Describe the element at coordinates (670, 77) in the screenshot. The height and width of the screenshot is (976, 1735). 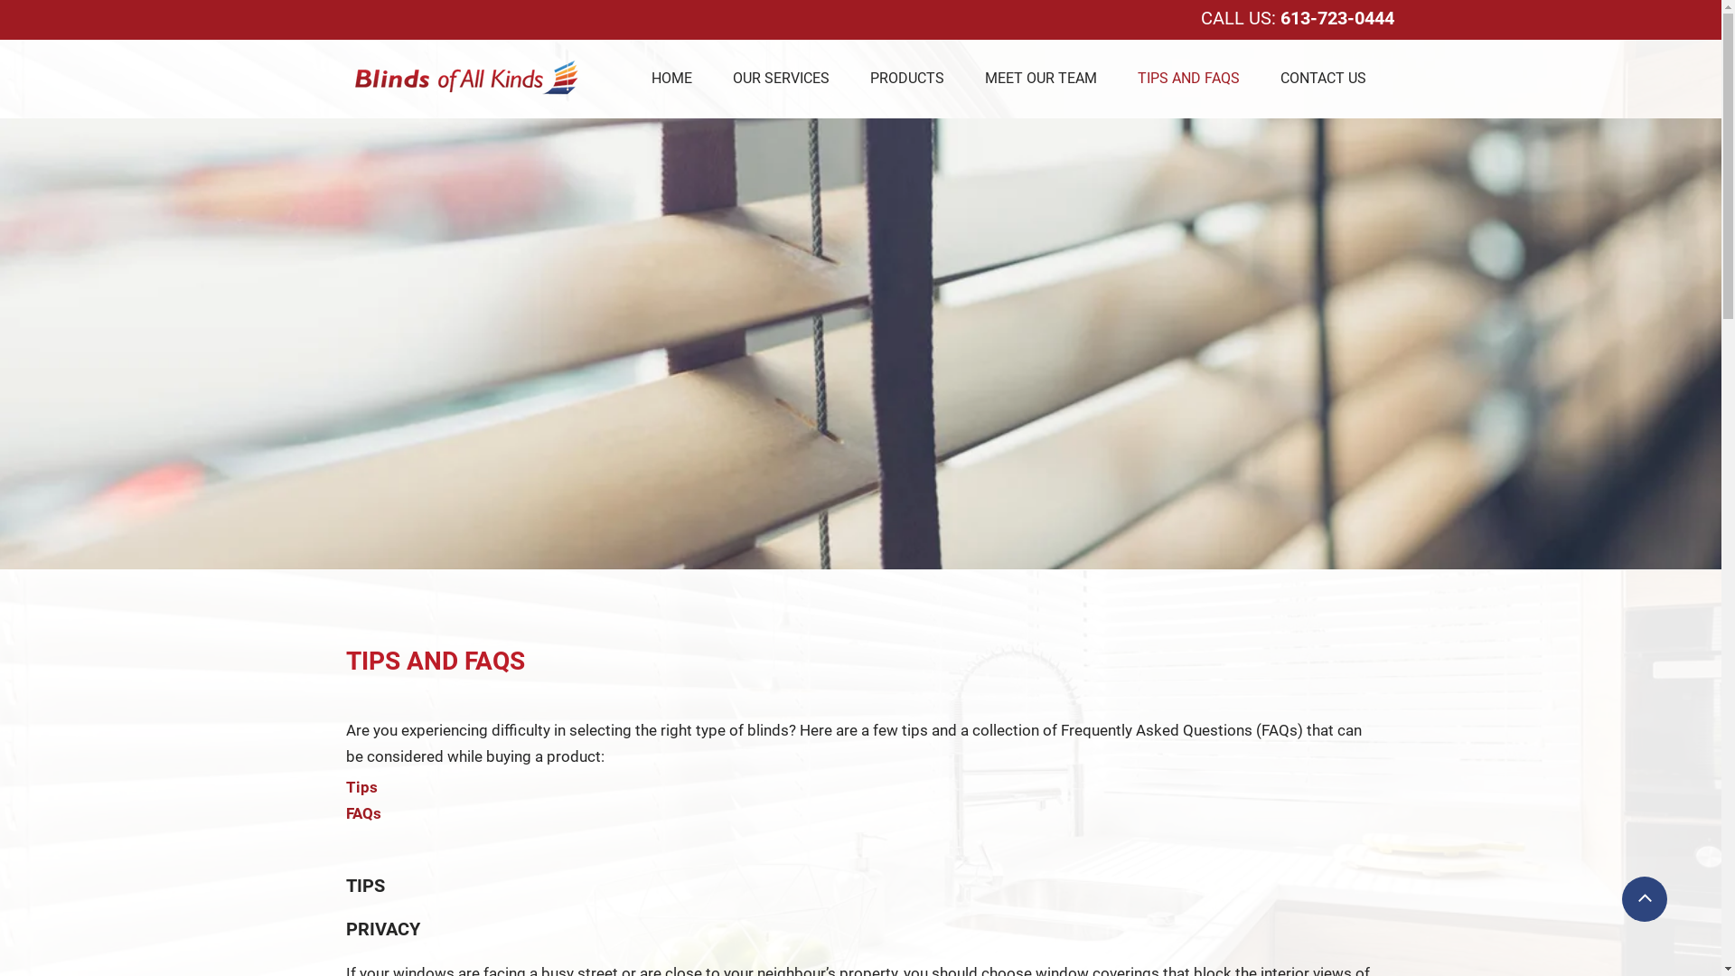
I see `'HOME'` at that location.